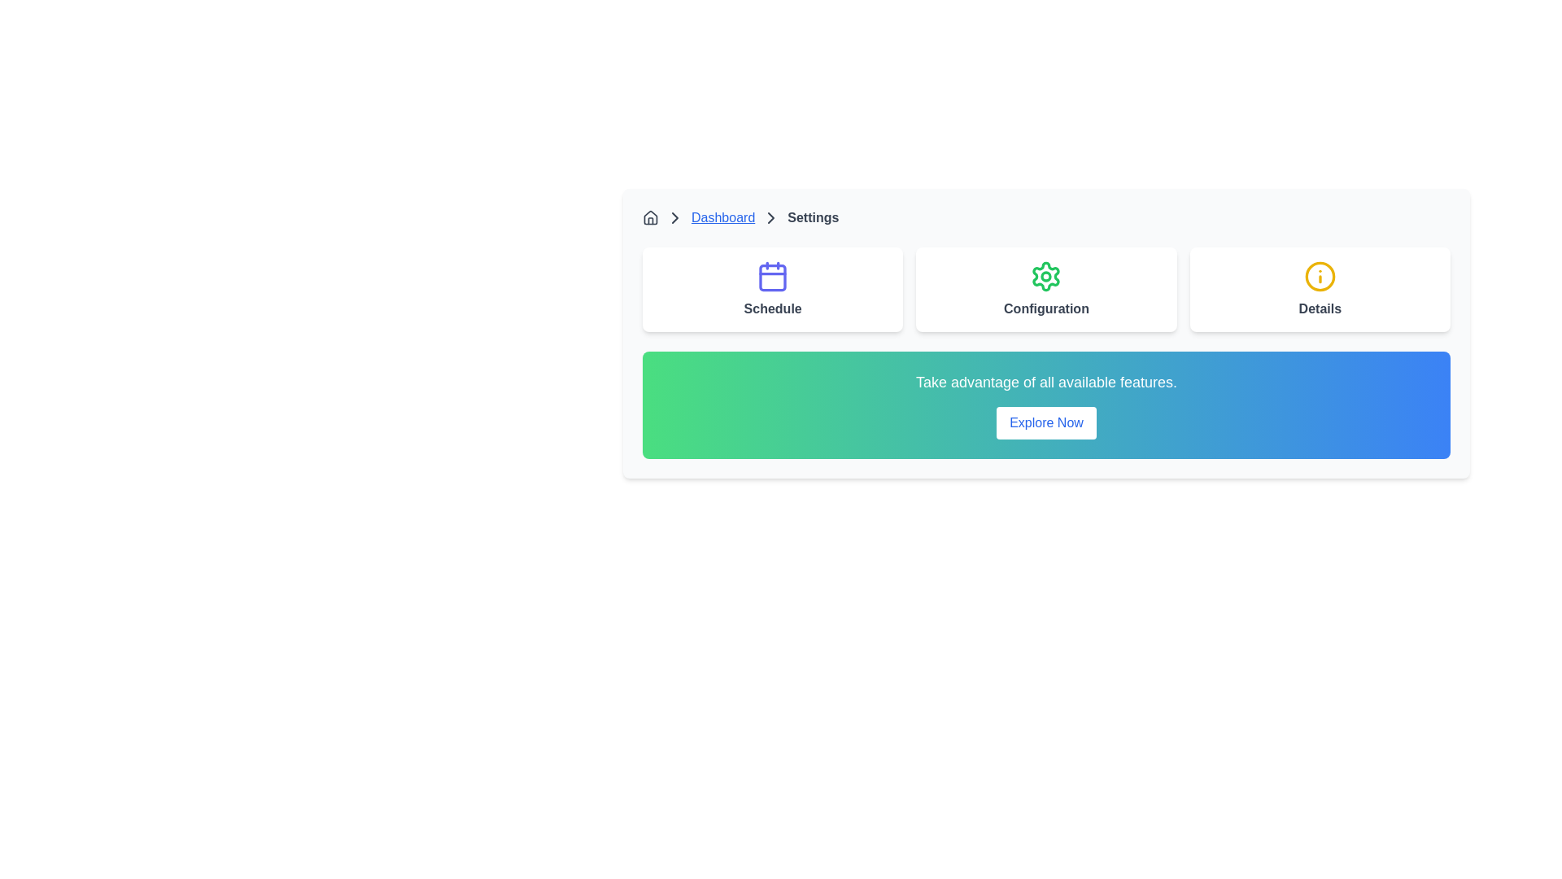  Describe the element at coordinates (675, 216) in the screenshot. I see `the small right arrow icon in the breadcrumb navigation bar located between 'Dashboard' and 'Settings' links` at that location.